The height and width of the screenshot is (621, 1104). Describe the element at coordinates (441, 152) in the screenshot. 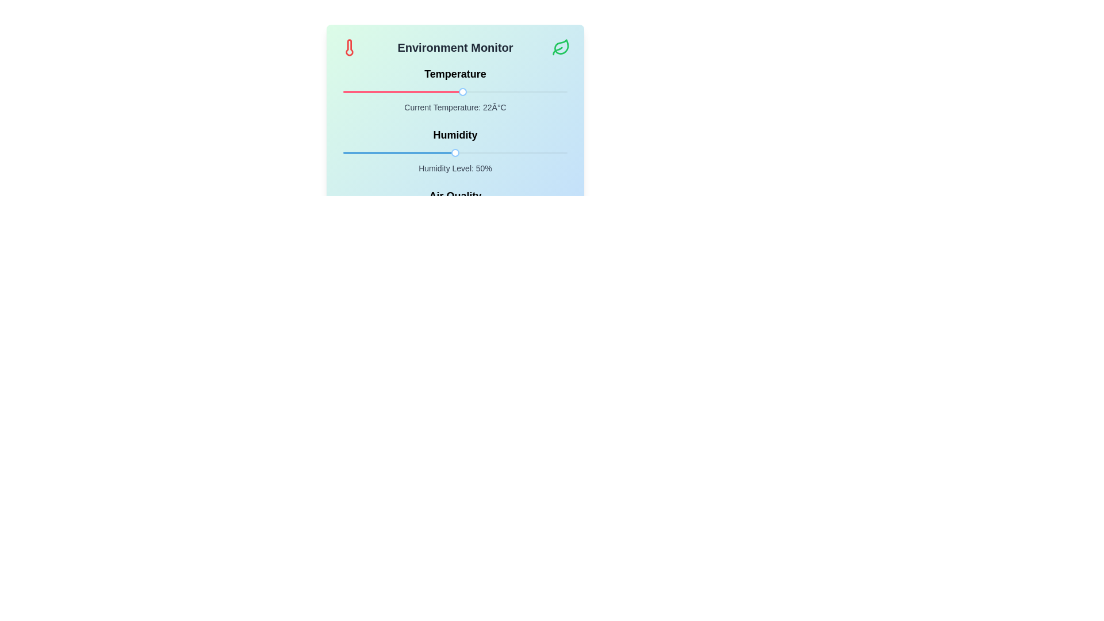

I see `the humidity` at that location.